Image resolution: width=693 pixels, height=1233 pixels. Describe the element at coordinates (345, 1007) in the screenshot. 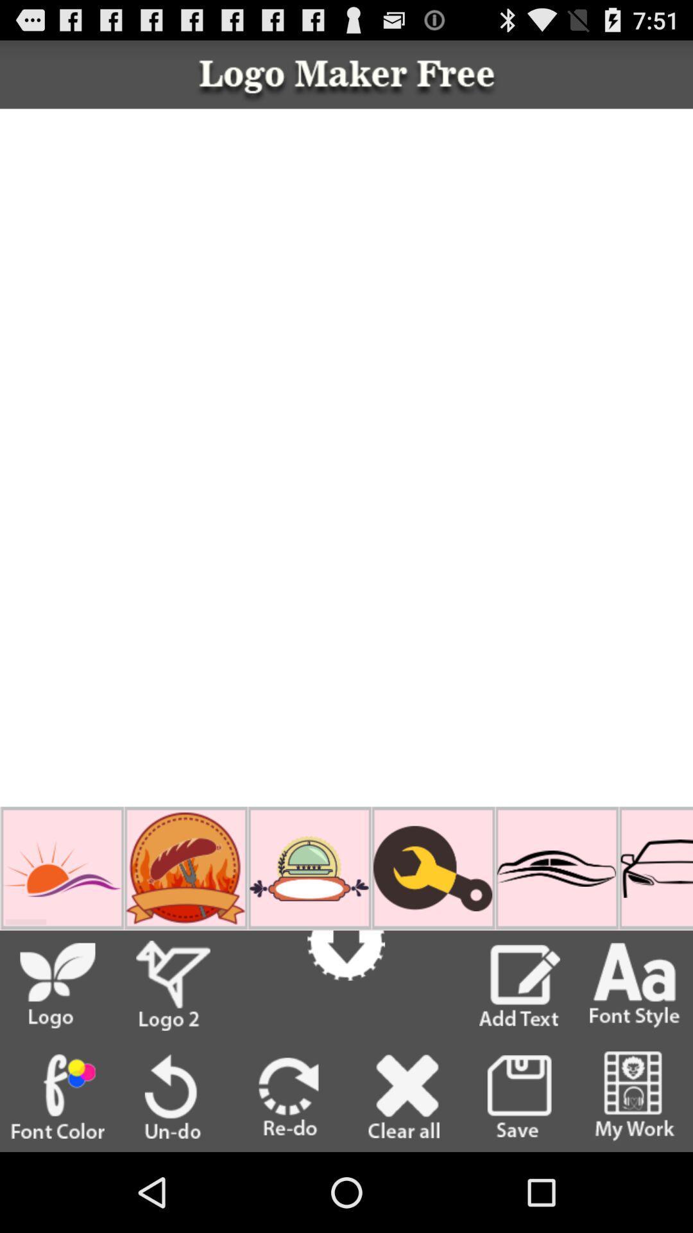

I see `the arrow_downward icon` at that location.